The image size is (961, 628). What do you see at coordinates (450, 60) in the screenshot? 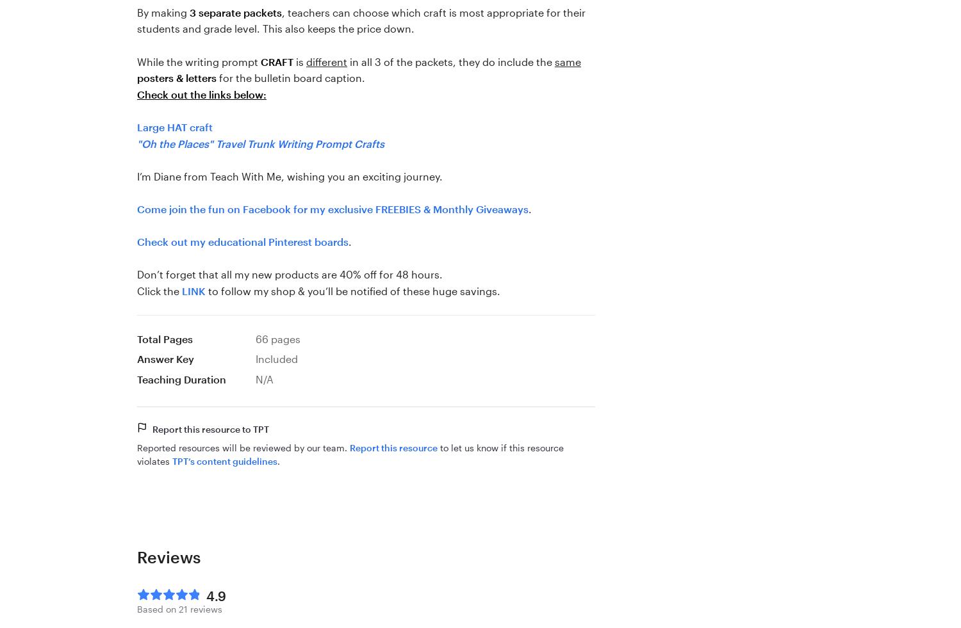
I see `'in all 3 of the packets, they do include the'` at bounding box center [450, 60].